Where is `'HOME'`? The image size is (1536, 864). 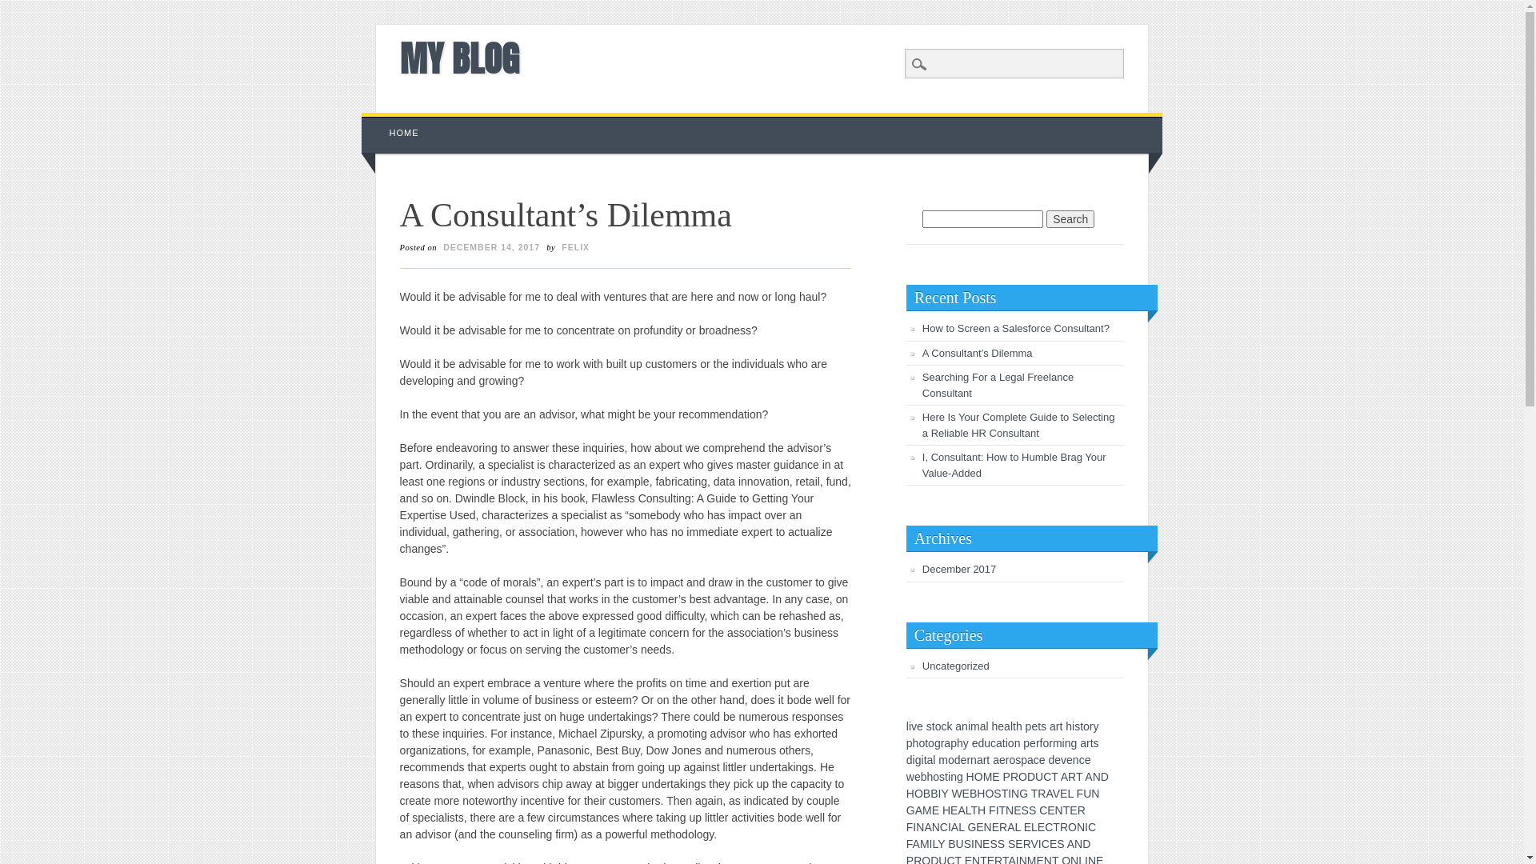
'HOME' is located at coordinates (404, 132).